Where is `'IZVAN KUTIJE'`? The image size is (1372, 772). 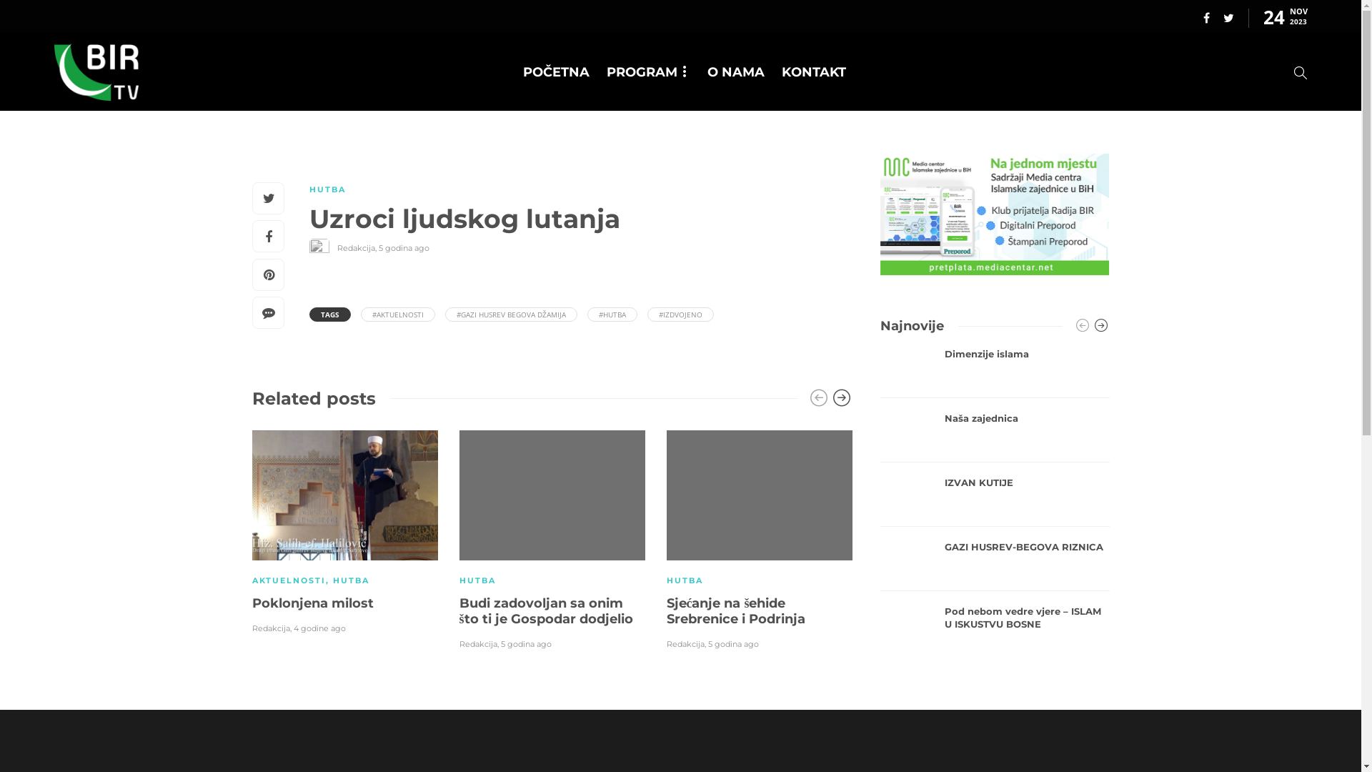
'IZVAN KUTIJE' is located at coordinates (1026, 482).